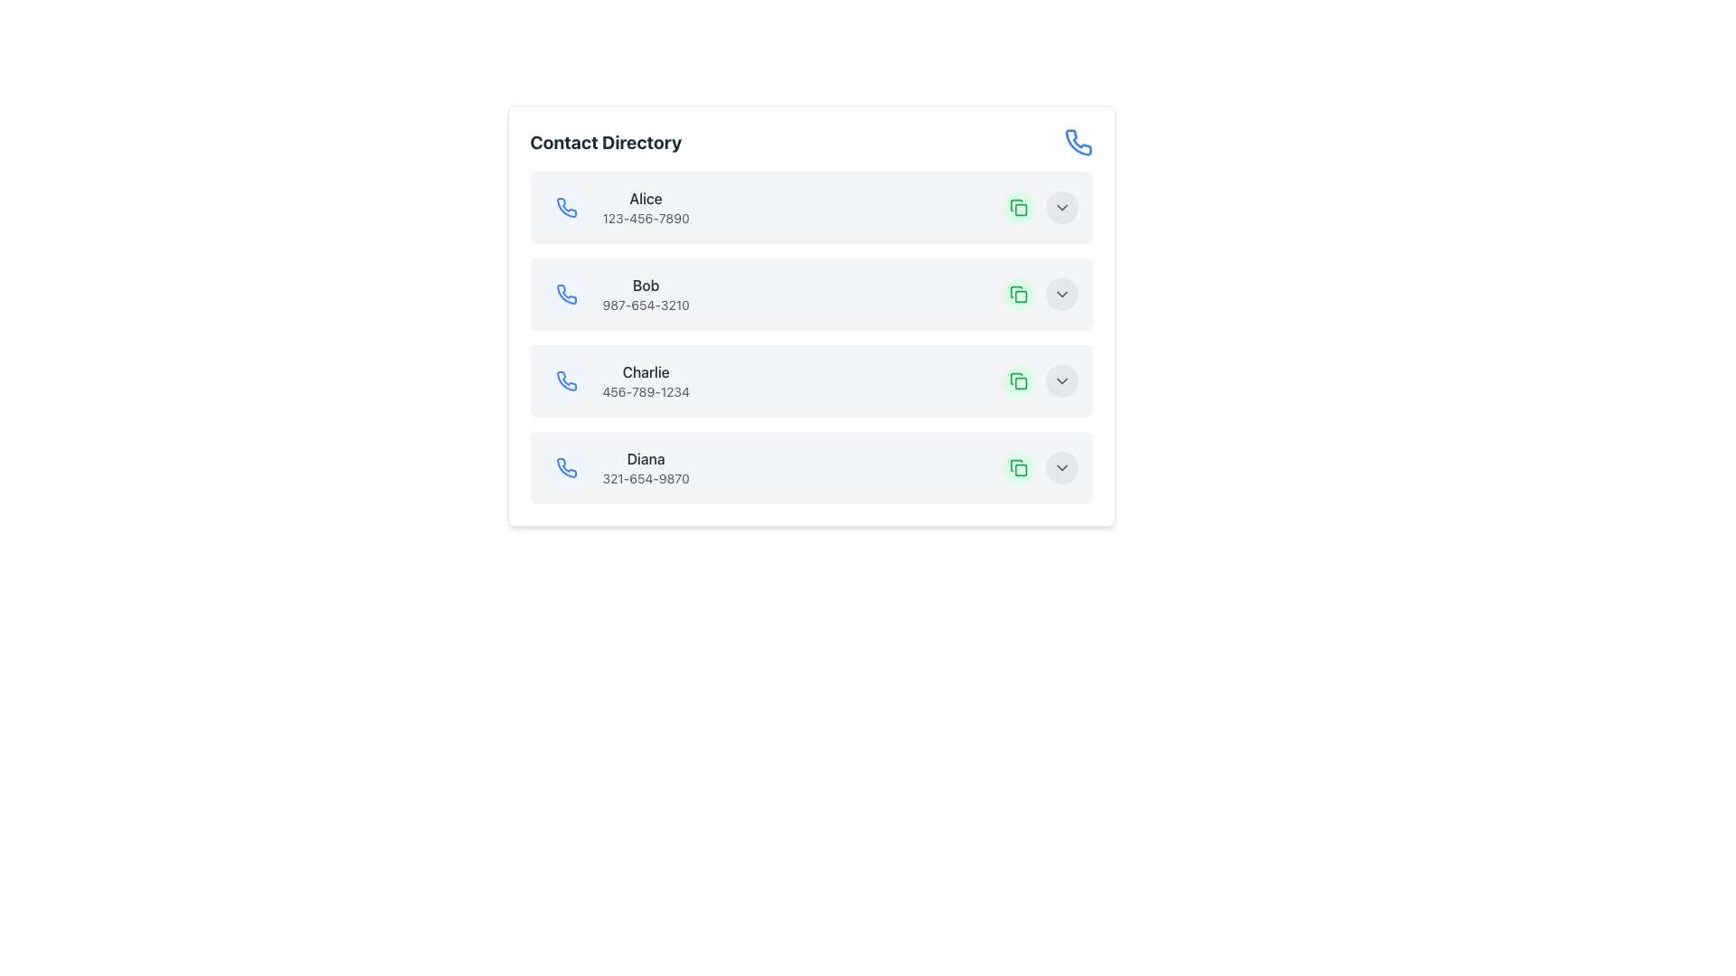 Image resolution: width=1736 pixels, height=976 pixels. I want to click on contact name displayed in the top text of the fourth entry in the vertically arranged list, which is located directly above the phone number '321-654-9870', so click(646, 458).